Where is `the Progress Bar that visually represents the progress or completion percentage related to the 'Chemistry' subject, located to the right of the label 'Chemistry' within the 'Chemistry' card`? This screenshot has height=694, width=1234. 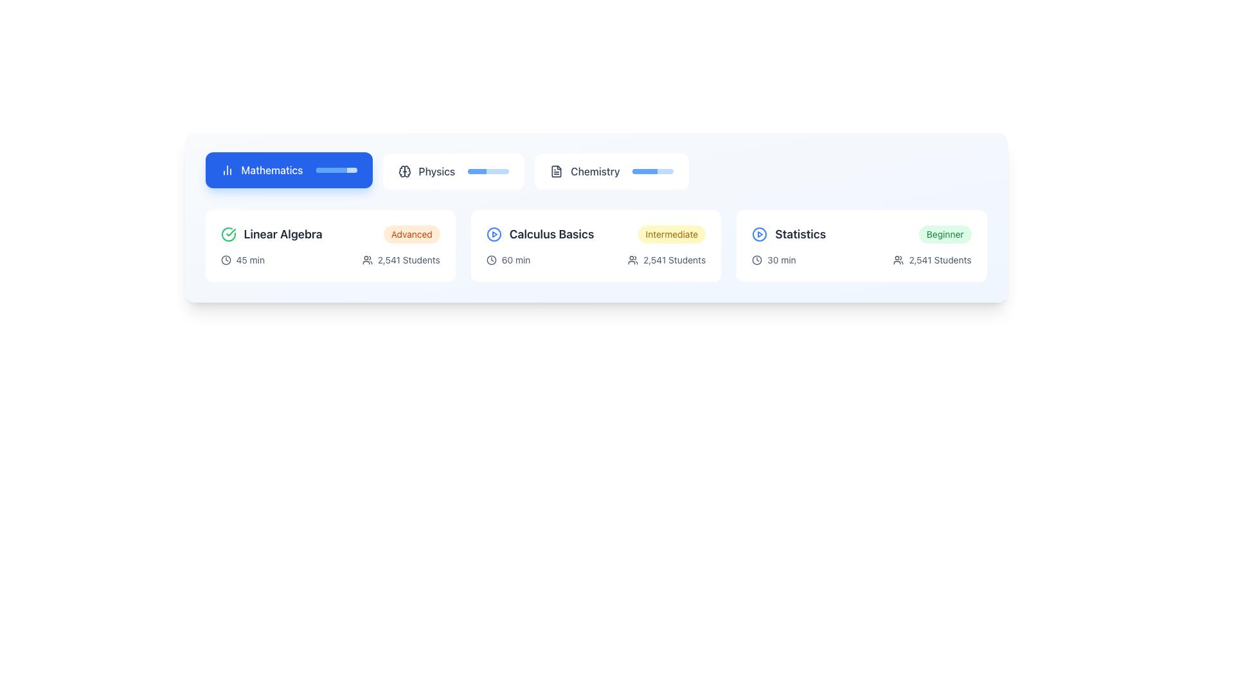 the Progress Bar that visually represents the progress or completion percentage related to the 'Chemistry' subject, located to the right of the label 'Chemistry' within the 'Chemistry' card is located at coordinates (653, 170).